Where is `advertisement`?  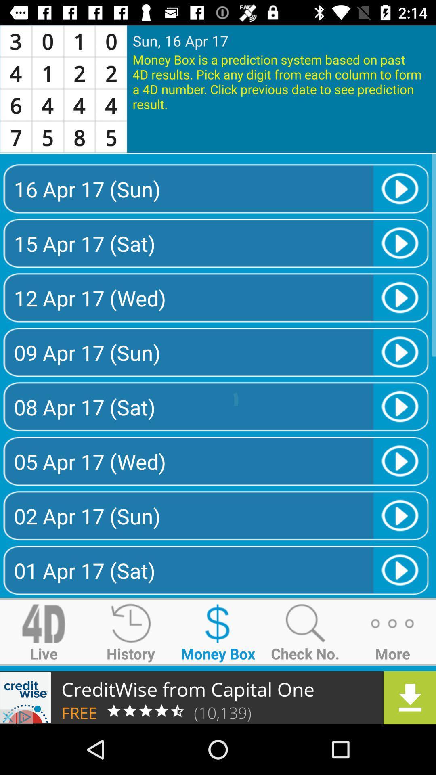
advertisement is located at coordinates (218, 697).